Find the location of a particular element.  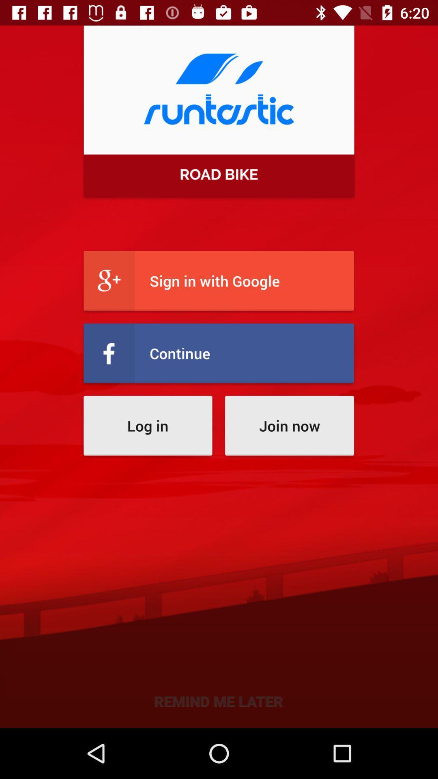

icon below log in is located at coordinates (218, 700).